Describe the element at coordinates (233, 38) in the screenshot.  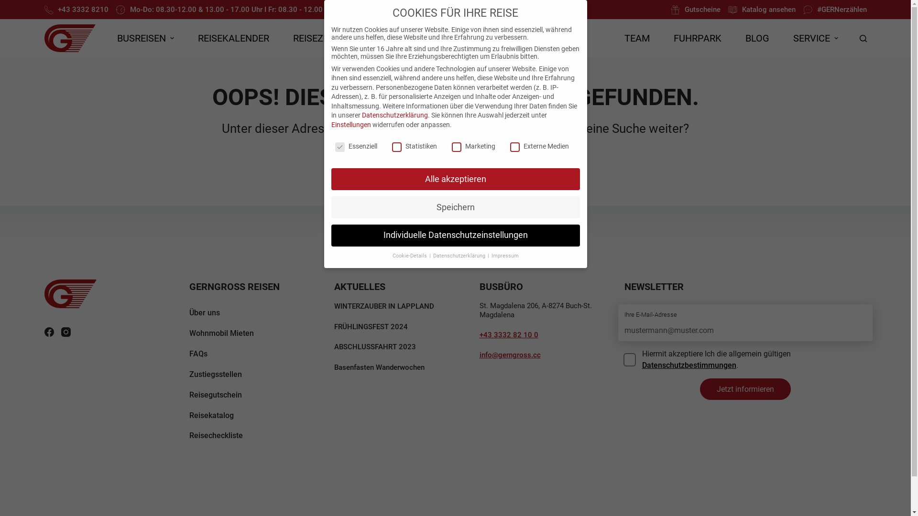
I see `'REISEKALENDER'` at that location.